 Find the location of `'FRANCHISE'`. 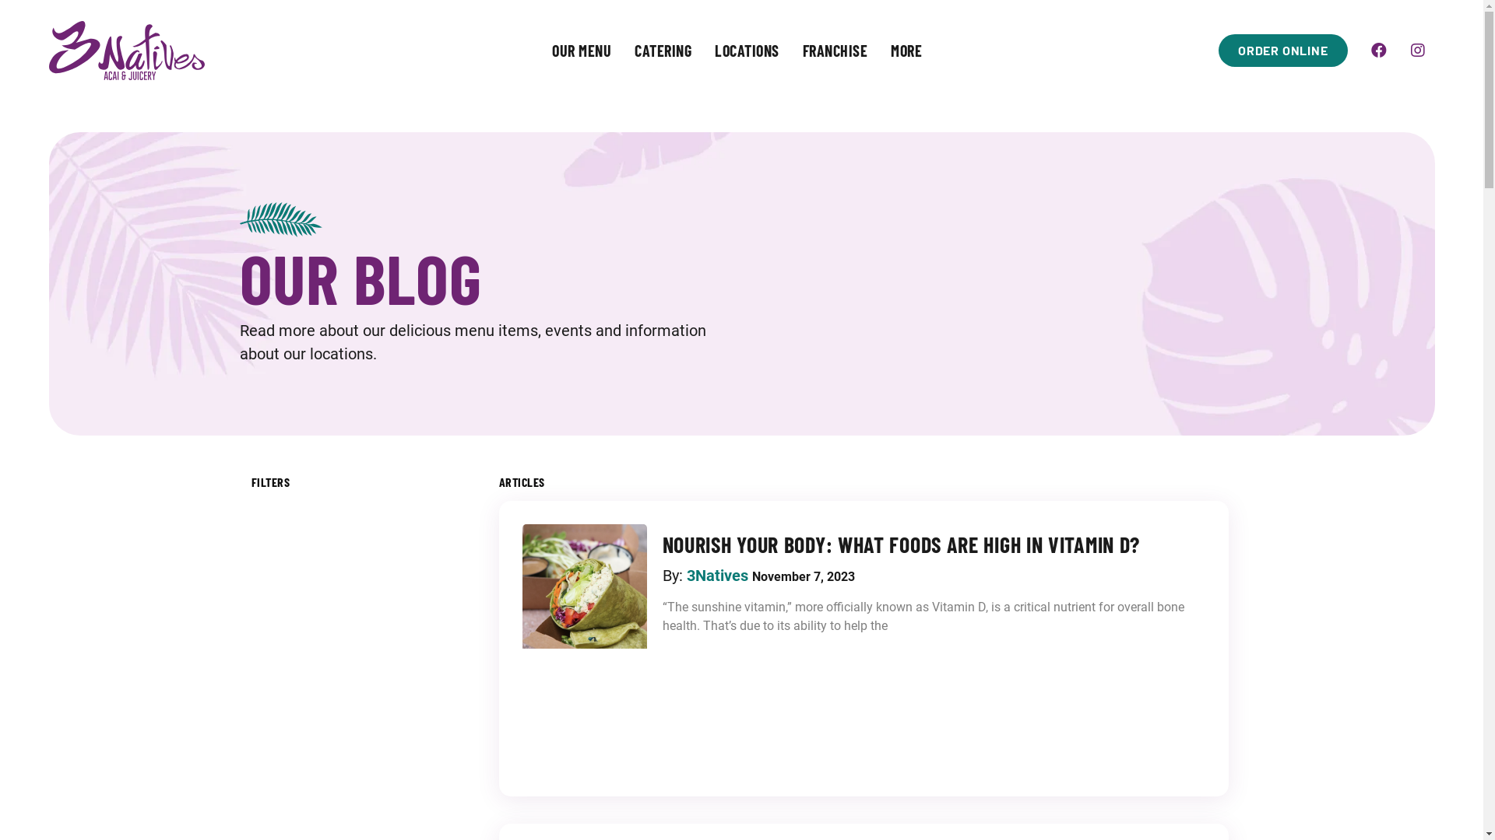

'FRANCHISE' is located at coordinates (835, 50).